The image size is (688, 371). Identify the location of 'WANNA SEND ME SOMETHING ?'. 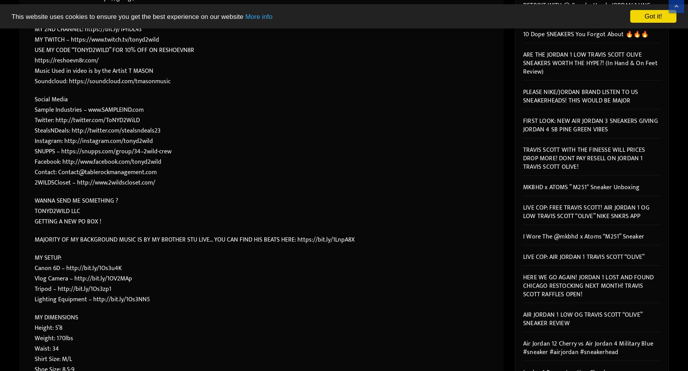
(76, 201).